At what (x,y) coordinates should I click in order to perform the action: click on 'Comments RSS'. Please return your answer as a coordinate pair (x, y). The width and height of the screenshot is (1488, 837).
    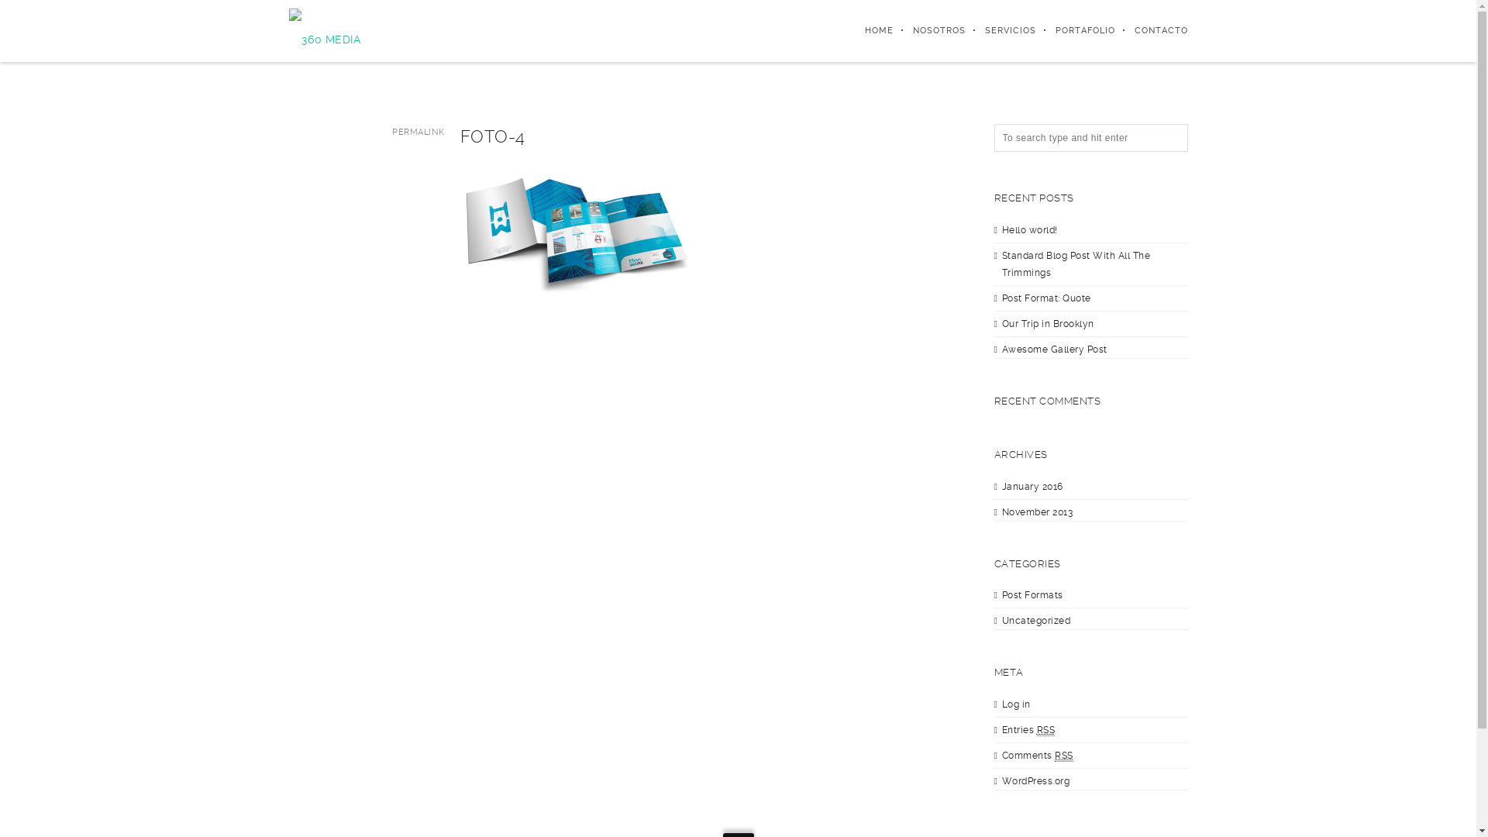
    Looking at the image, I should click on (1037, 755).